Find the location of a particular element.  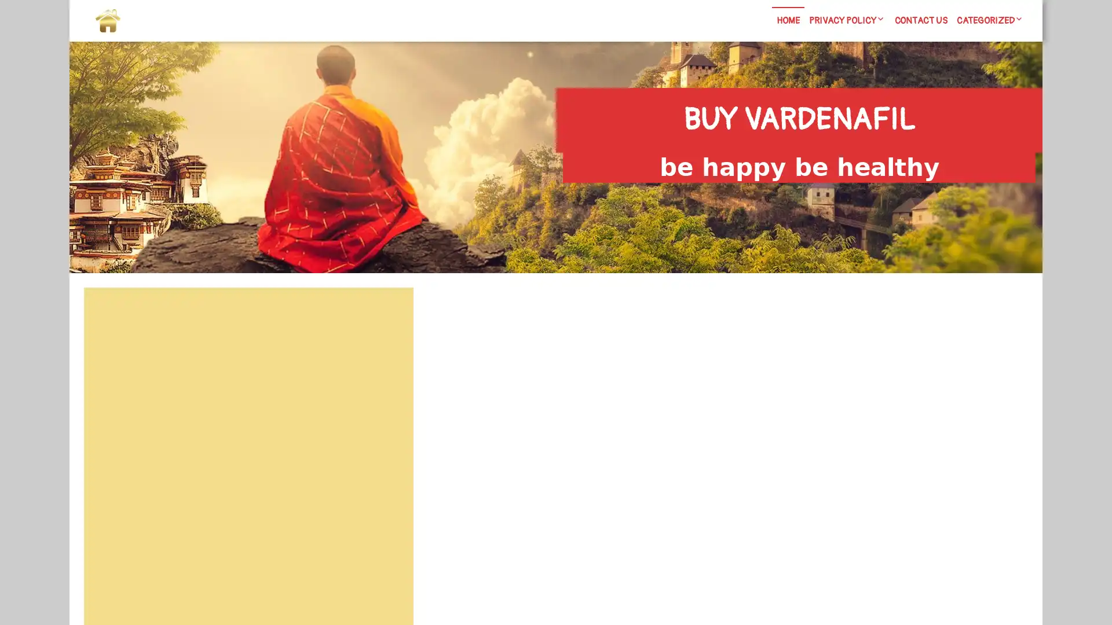

Search is located at coordinates (386, 315).